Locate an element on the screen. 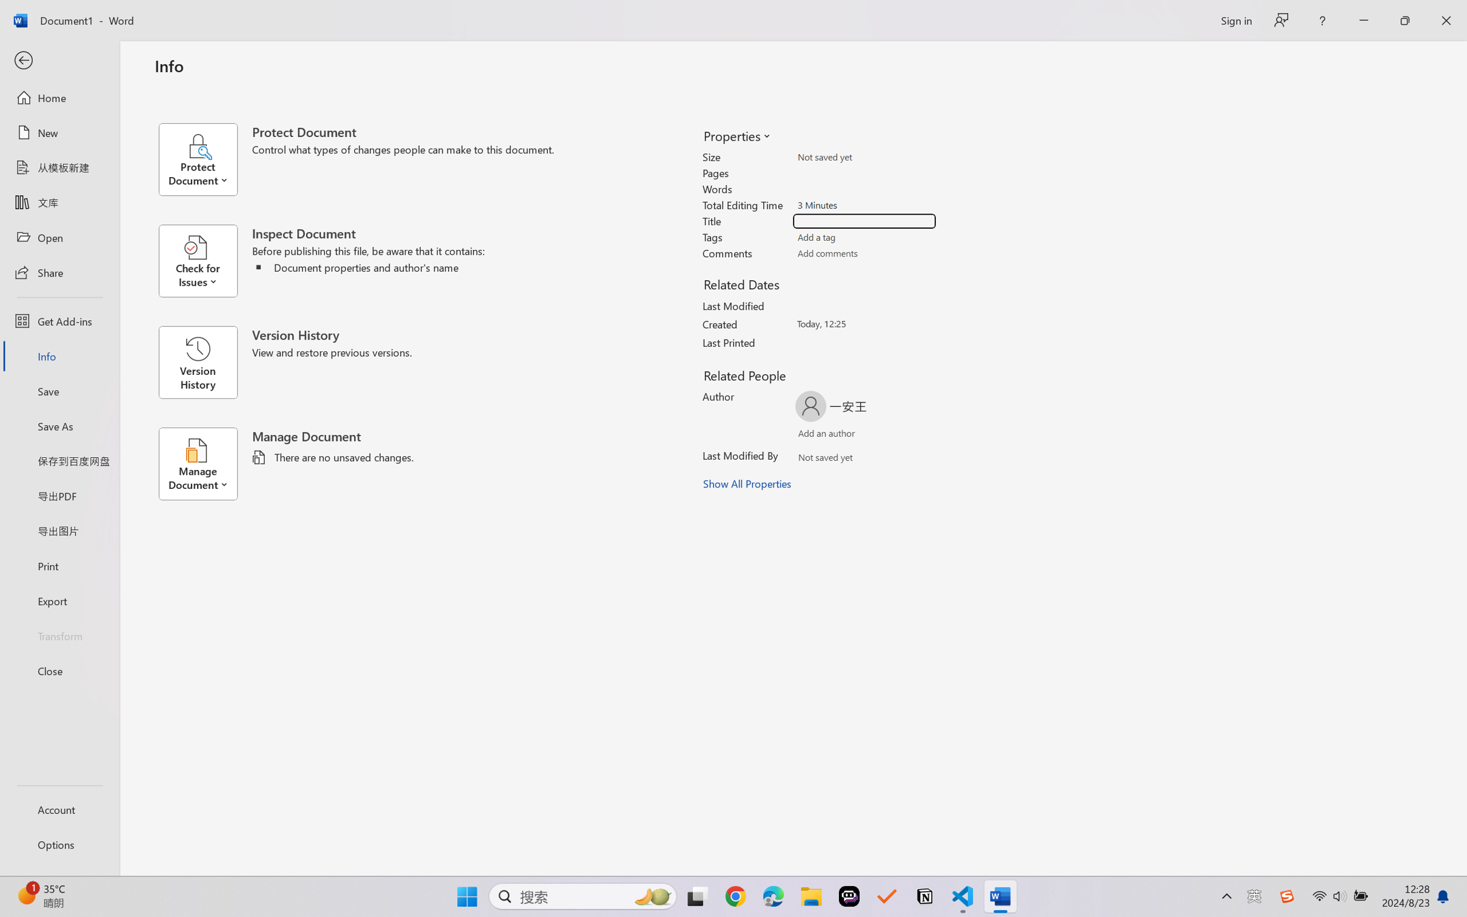  'Options' is located at coordinates (59, 844).